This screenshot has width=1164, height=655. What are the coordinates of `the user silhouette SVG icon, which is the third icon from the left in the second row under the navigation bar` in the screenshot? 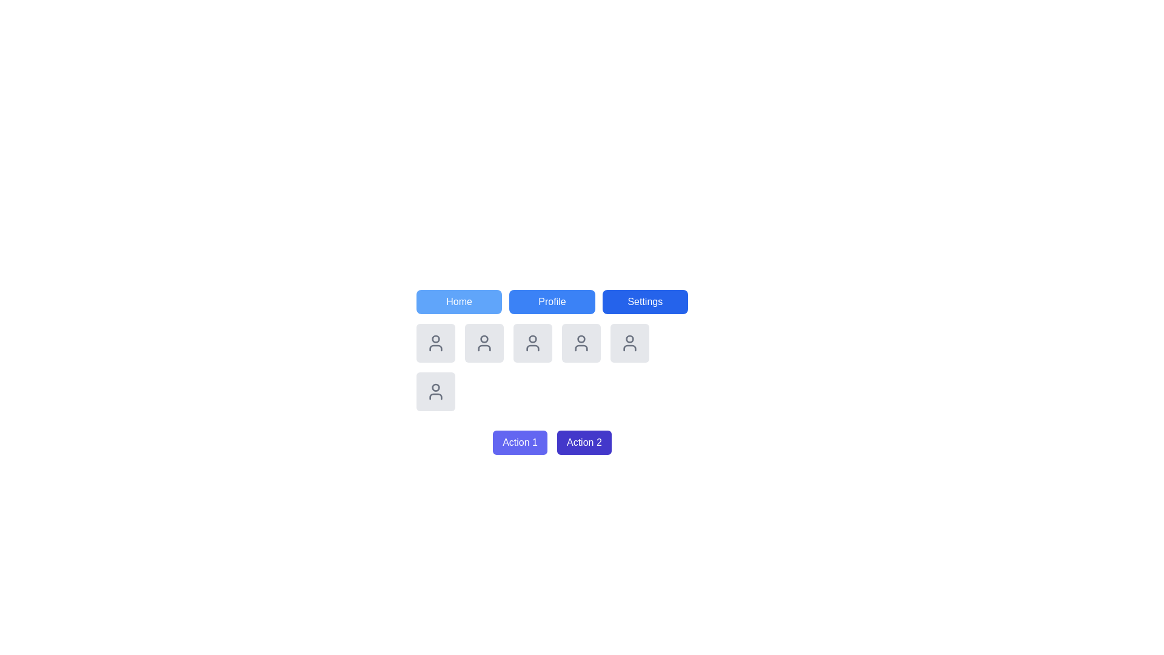 It's located at (483, 343).